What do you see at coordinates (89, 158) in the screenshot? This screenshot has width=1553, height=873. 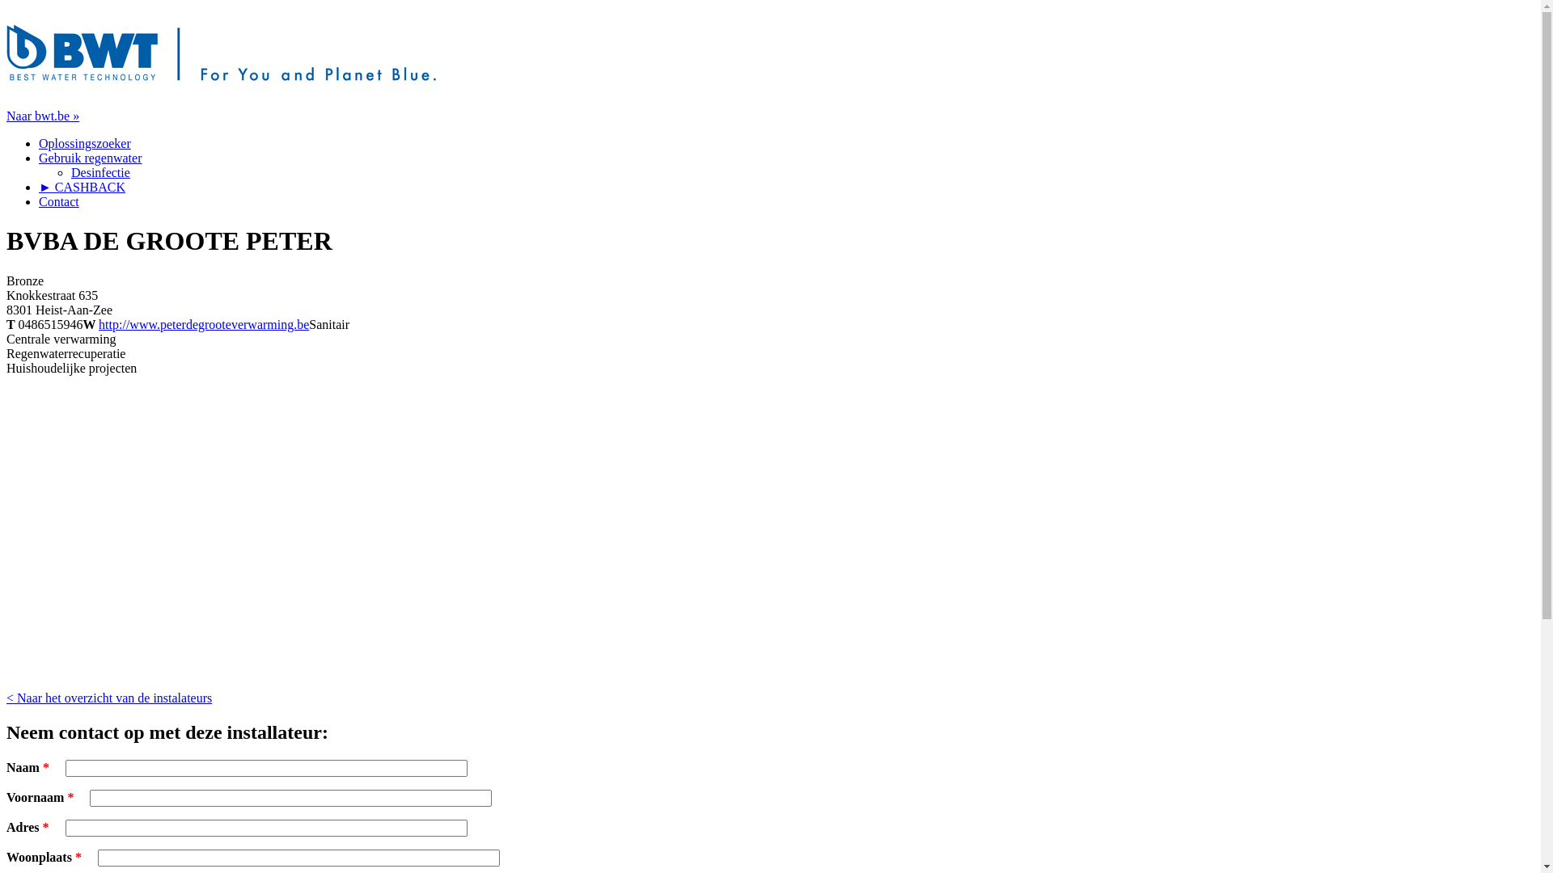 I see `'Gebruik regenwater'` at bounding box center [89, 158].